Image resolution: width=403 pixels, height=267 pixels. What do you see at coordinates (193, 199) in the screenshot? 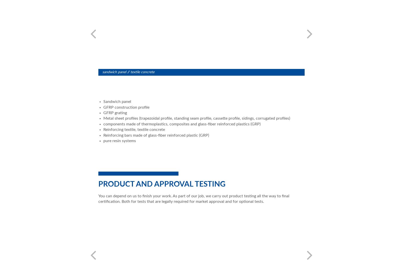
I see `'You can depend on us to finish your work. As part of our job, we carry out product testing all the way to final certification. Both for tests that are legally required for market approval and for optional tests.'` at bounding box center [193, 199].